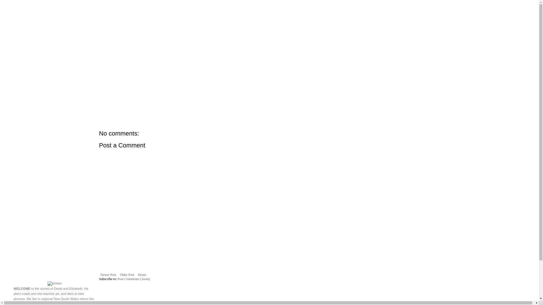 Image resolution: width=543 pixels, height=305 pixels. Describe the element at coordinates (133, 278) in the screenshot. I see `'Post Comments (Atom)'` at that location.